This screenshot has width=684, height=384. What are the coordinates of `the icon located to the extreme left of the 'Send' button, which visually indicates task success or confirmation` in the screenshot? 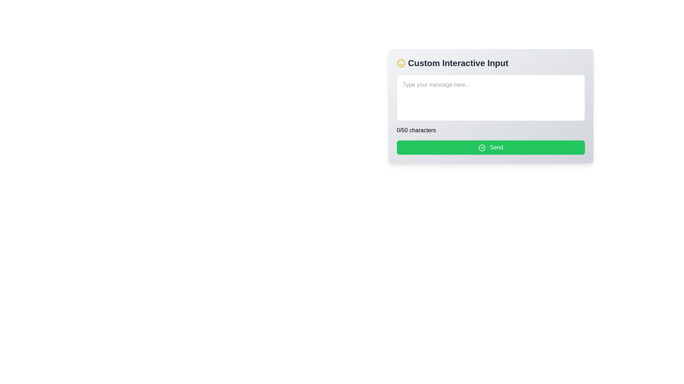 It's located at (482, 147).